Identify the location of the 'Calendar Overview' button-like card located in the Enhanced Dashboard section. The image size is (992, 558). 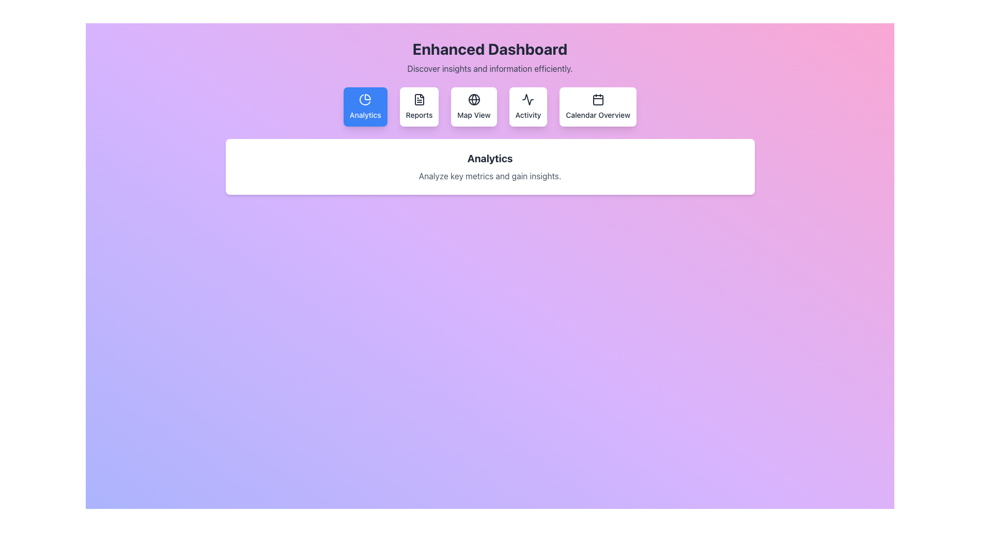
(598, 107).